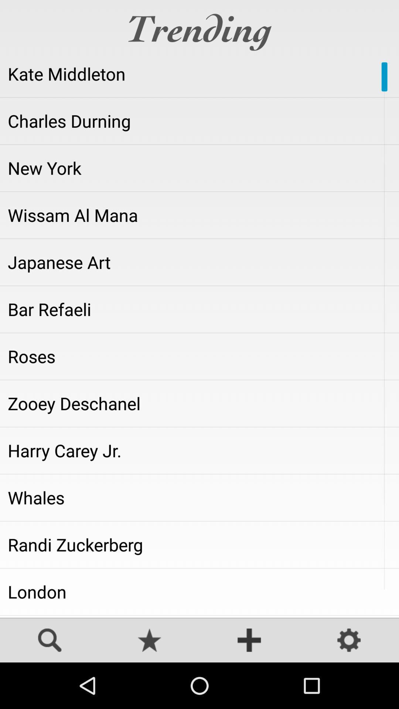 This screenshot has height=709, width=399. Describe the element at coordinates (349, 641) in the screenshot. I see `settings option` at that location.